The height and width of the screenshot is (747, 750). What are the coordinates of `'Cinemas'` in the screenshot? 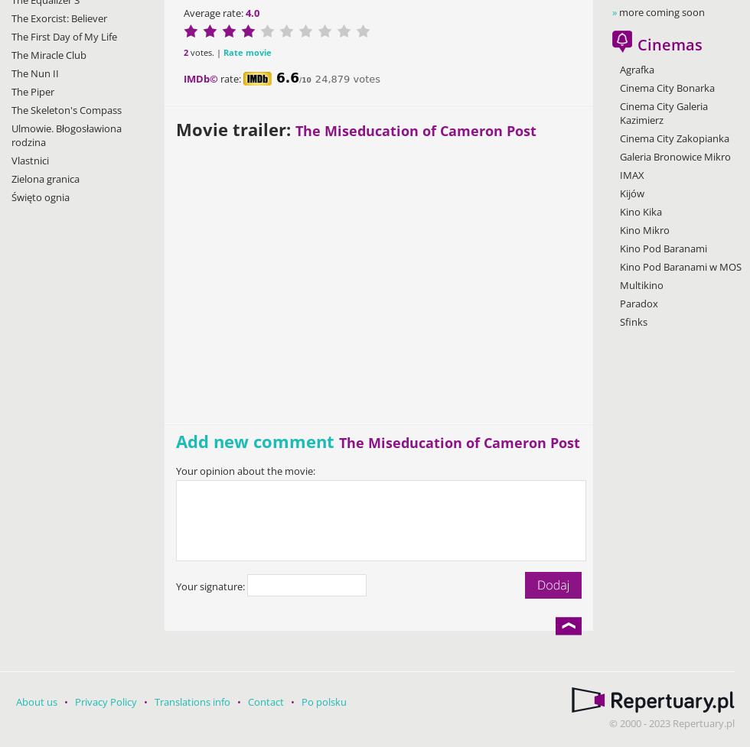 It's located at (637, 44).